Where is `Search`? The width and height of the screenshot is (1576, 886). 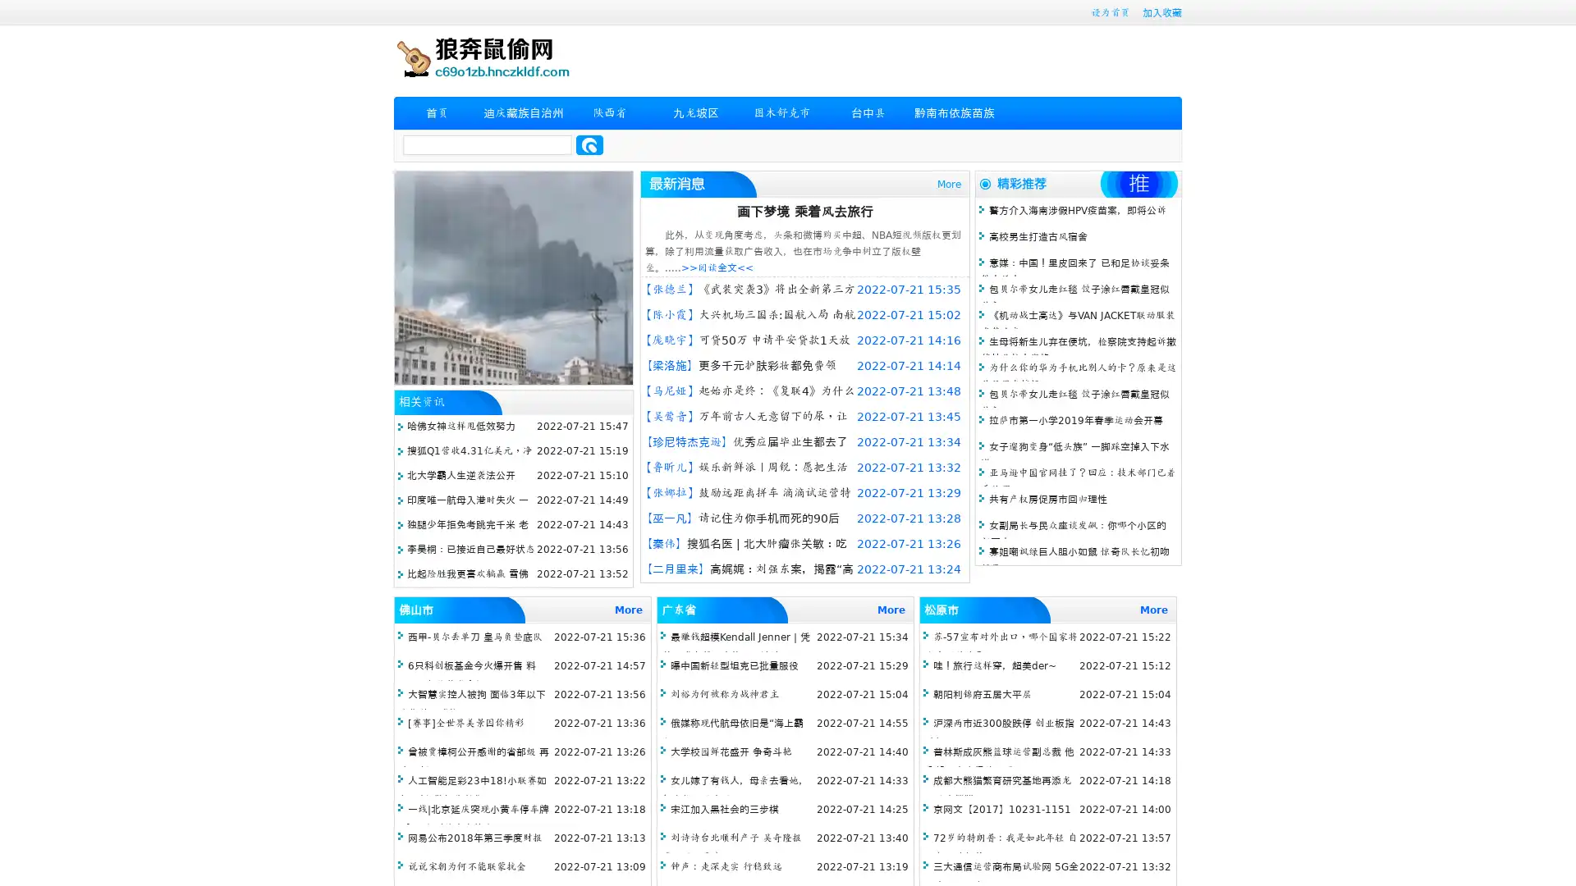 Search is located at coordinates (589, 144).